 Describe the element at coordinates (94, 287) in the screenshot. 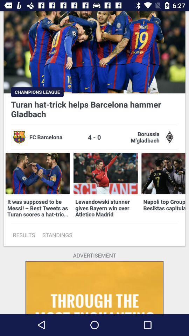

I see `link to advertisement` at that location.